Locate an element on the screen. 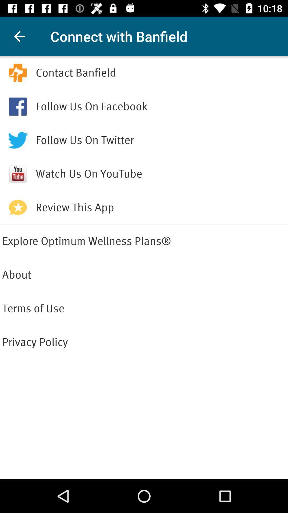  icon below about is located at coordinates (144, 309).